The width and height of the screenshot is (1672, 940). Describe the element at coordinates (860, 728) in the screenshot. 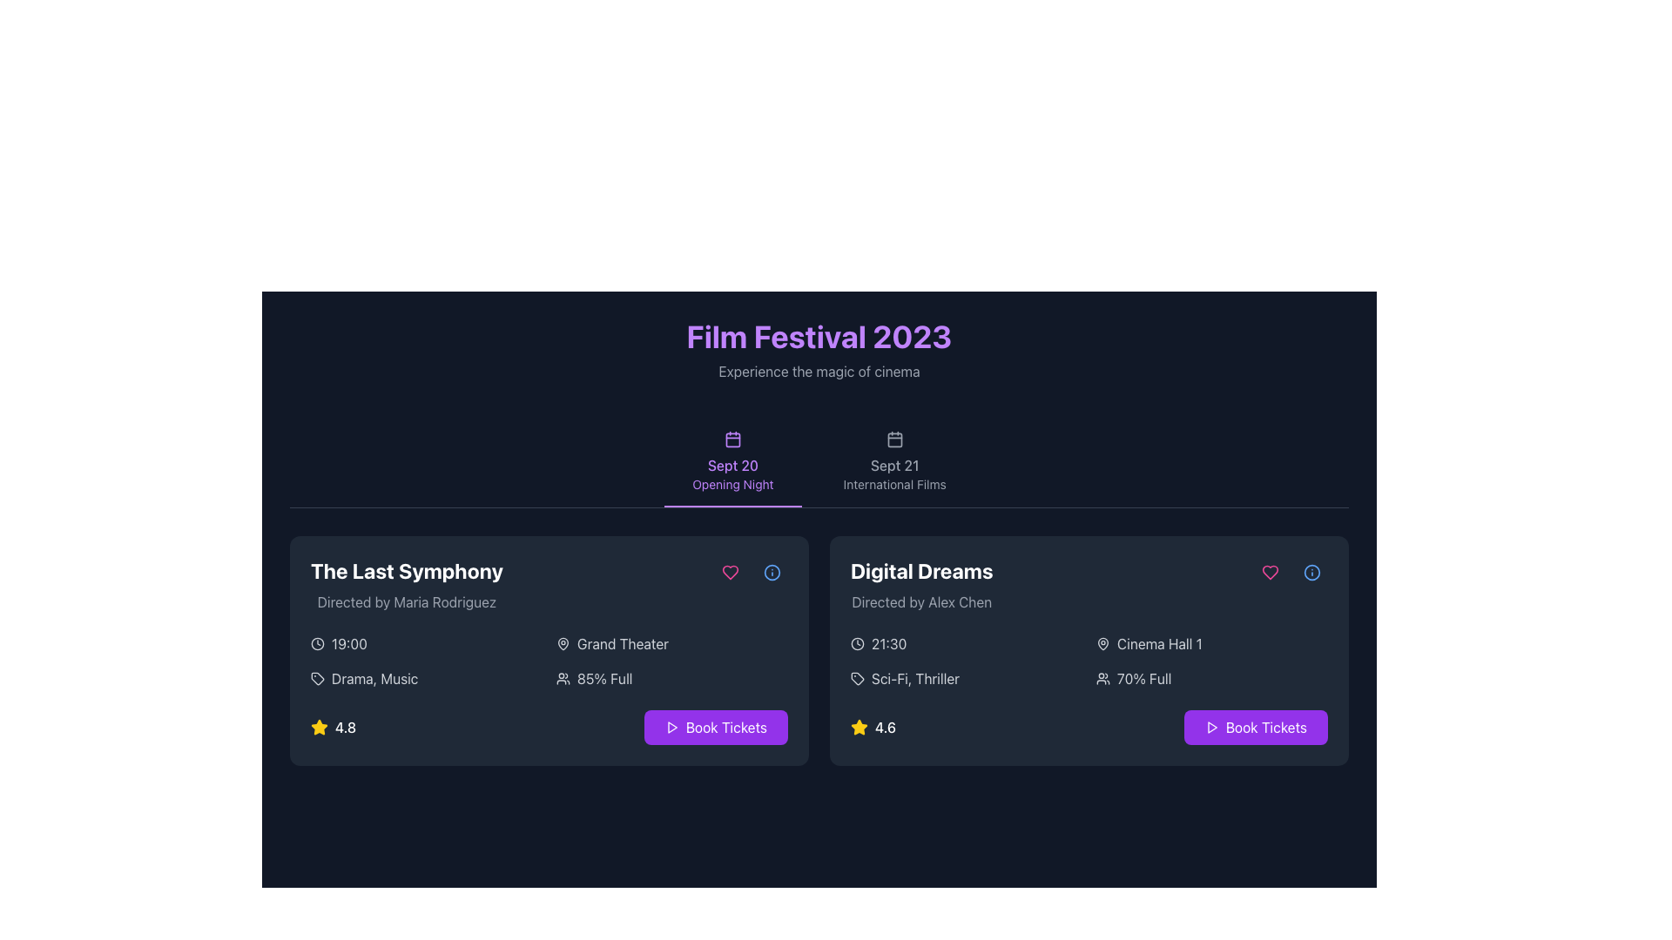

I see `the prominent yellow star icon located in the bottom-right section of the 'Digital Dreams' card` at that location.